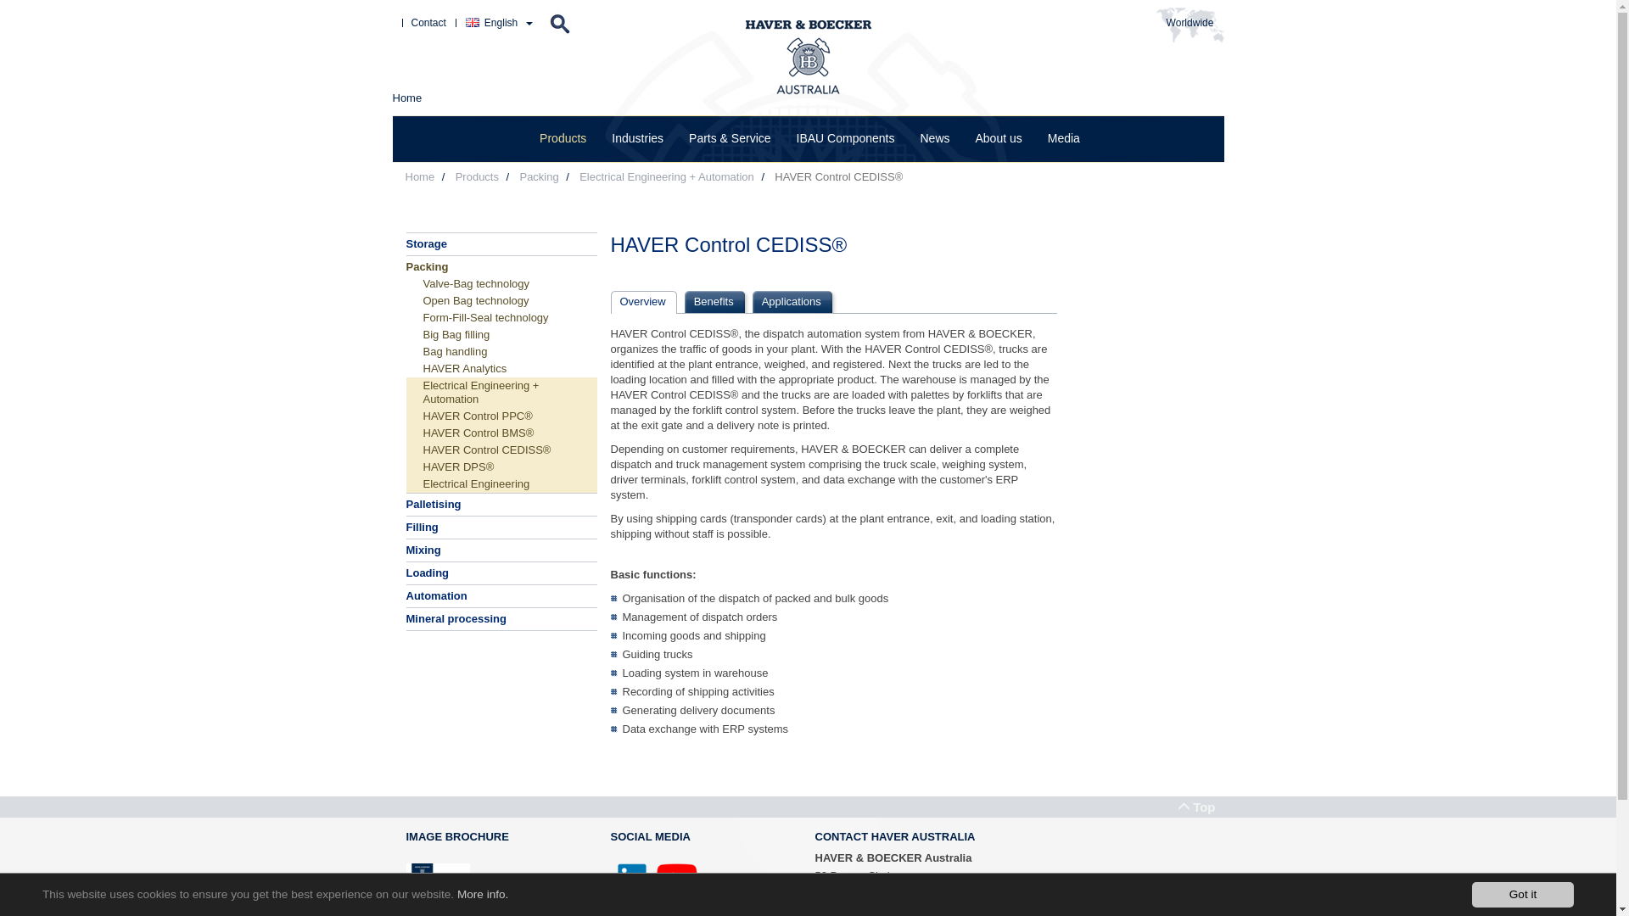 This screenshot has width=1629, height=916. Describe the element at coordinates (933, 137) in the screenshot. I see `'News'` at that location.